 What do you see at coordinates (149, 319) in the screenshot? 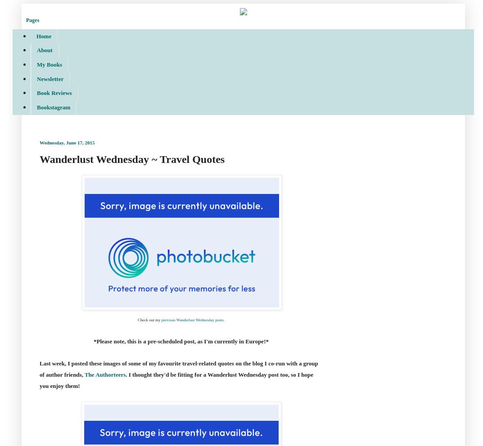
I see `'Check out my'` at bounding box center [149, 319].